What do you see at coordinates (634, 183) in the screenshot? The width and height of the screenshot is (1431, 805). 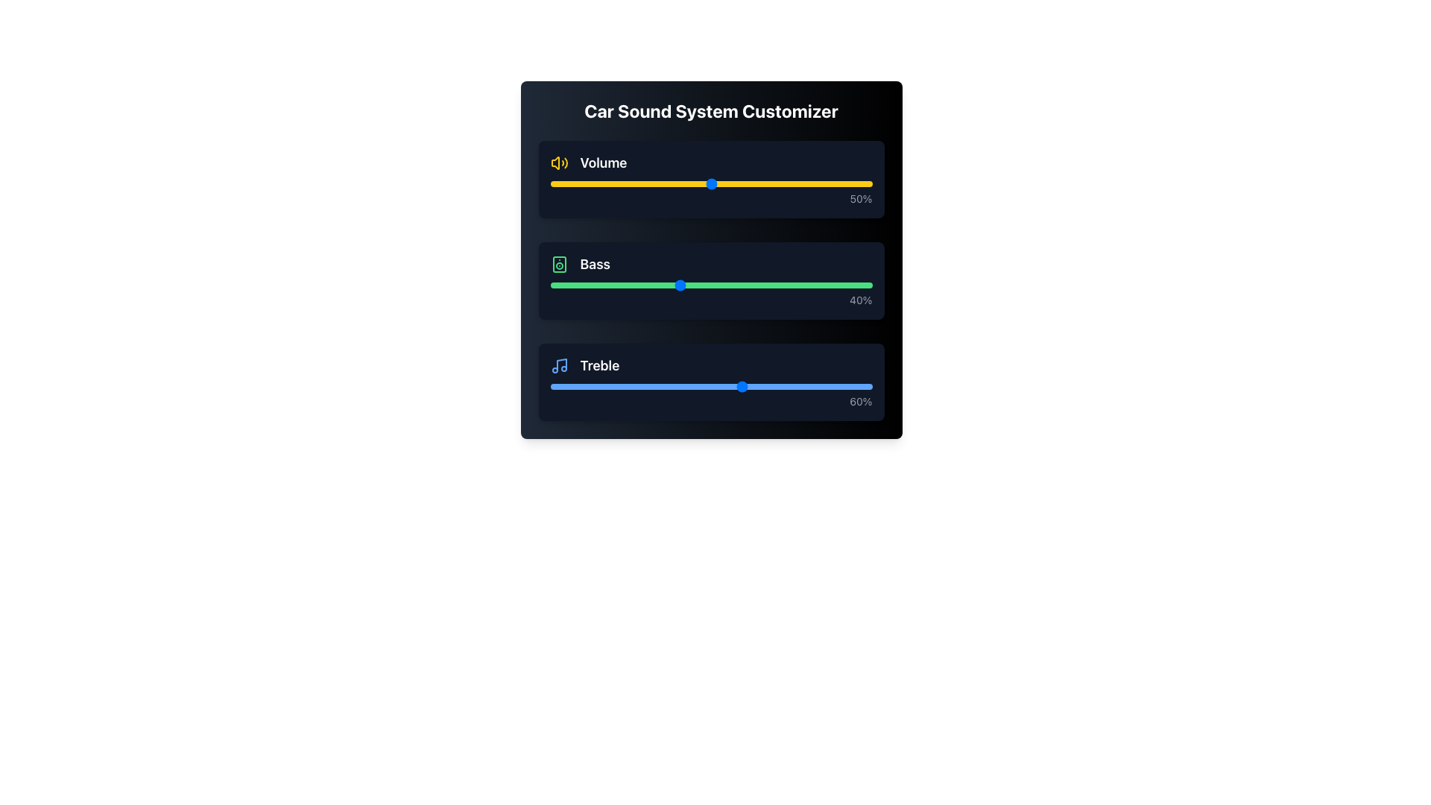 I see `volume` at bounding box center [634, 183].